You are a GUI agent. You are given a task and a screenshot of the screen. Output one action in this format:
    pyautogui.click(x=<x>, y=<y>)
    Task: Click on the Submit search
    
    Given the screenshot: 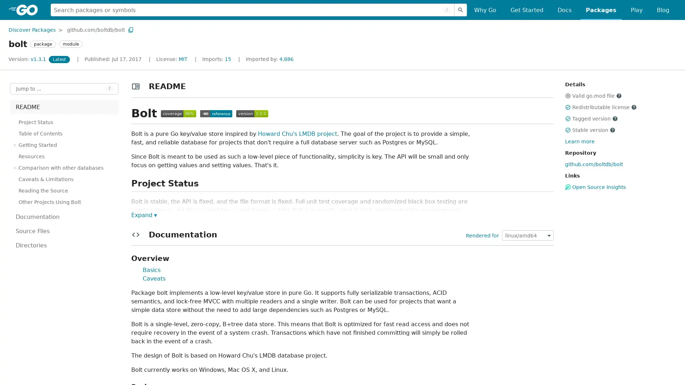 What is the action you would take?
    pyautogui.click(x=461, y=10)
    